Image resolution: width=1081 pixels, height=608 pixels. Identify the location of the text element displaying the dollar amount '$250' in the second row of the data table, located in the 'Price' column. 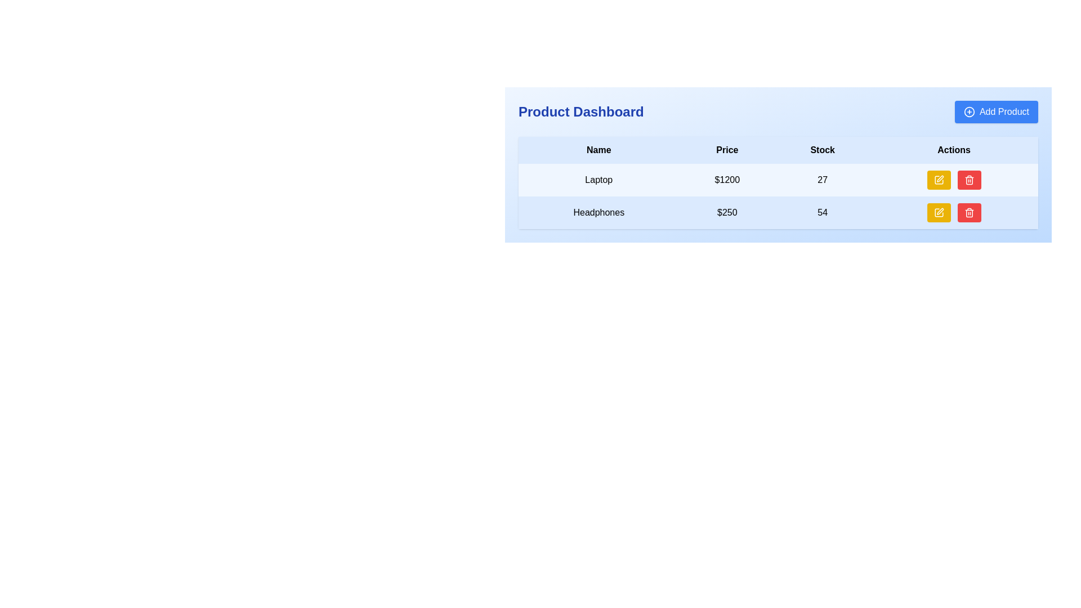
(727, 213).